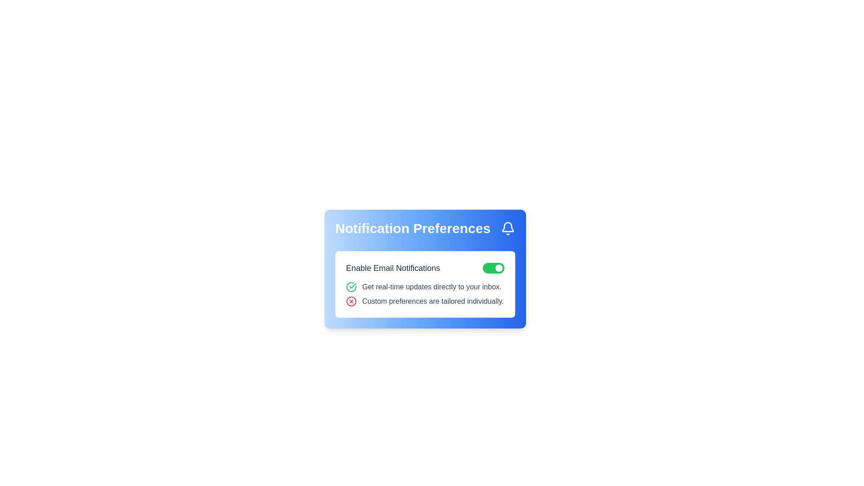 This screenshot has width=864, height=486. I want to click on the static information text with an associated icon that notifies users about enabling email notifications, located at the first choice in the list under the 'Enable Email Notifications' section, so click(425, 287).